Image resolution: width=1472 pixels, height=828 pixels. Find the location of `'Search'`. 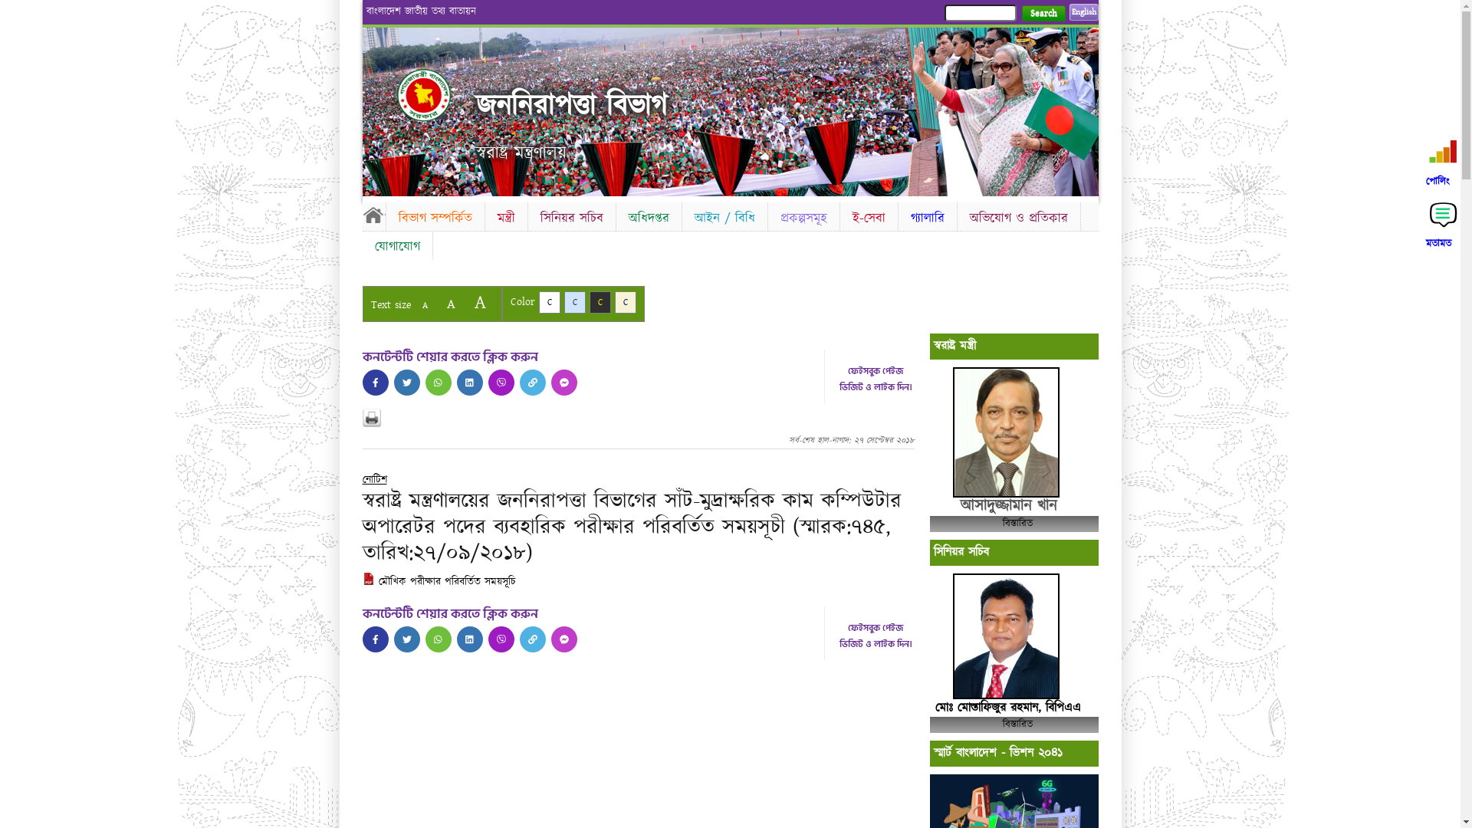

'Search' is located at coordinates (1043, 13).